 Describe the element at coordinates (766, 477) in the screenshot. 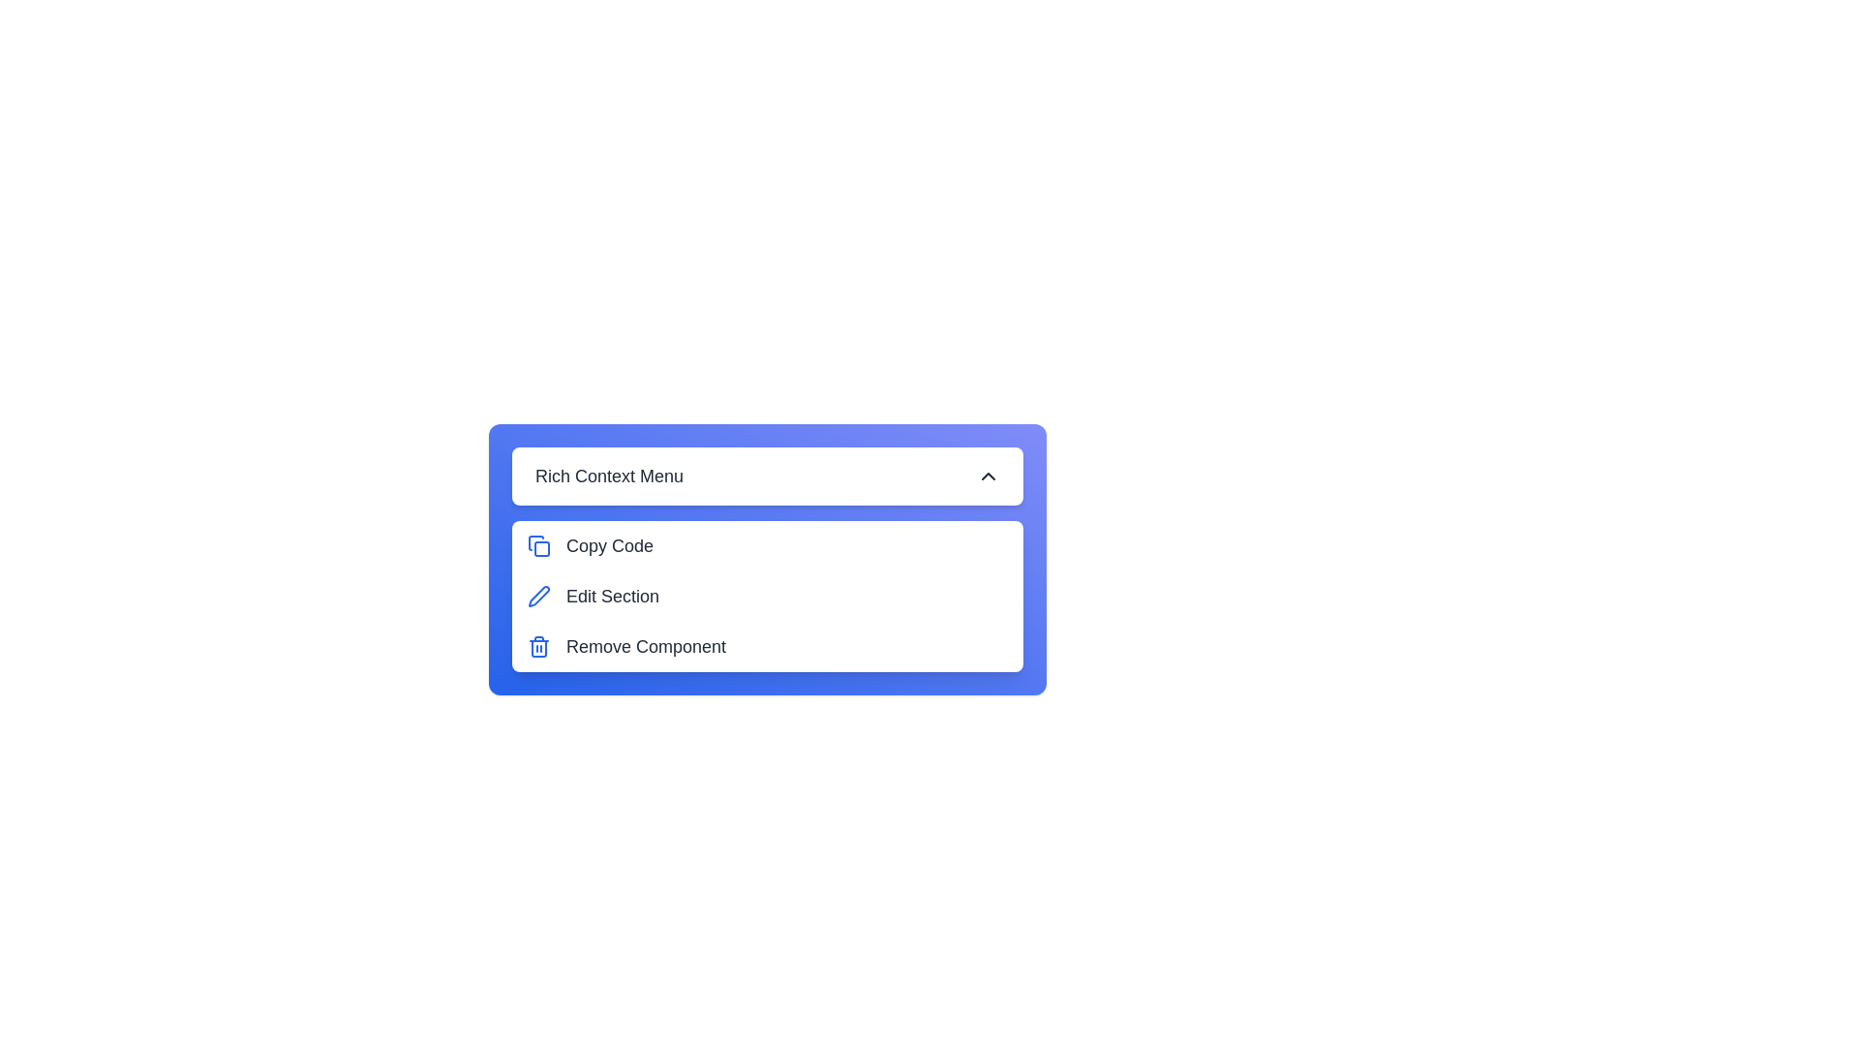

I see `the button labeled 'Rich Context Menu' to toggle the dropdown menu` at that location.